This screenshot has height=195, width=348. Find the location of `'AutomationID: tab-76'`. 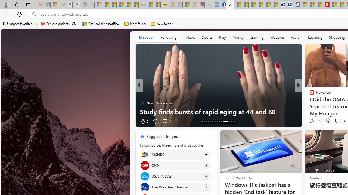

'AutomationID: tab-76' is located at coordinates (223, 121).